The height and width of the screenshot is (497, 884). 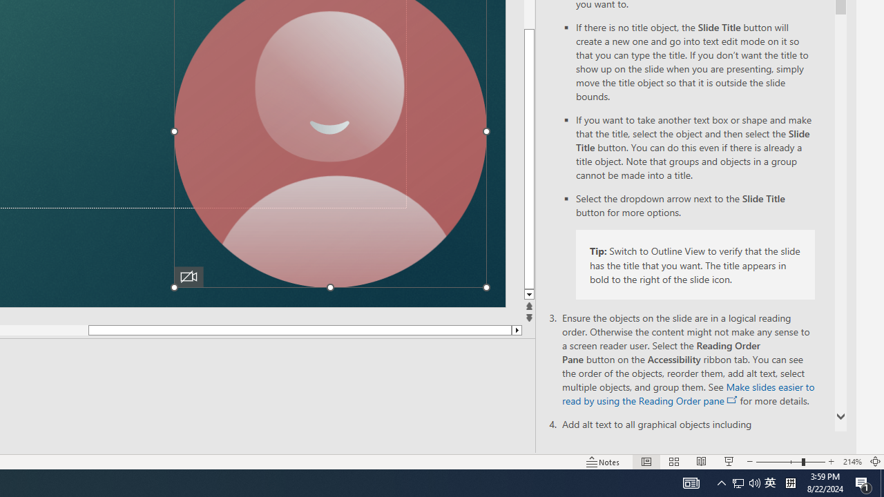 I want to click on 'Zoom Out', so click(x=778, y=462).